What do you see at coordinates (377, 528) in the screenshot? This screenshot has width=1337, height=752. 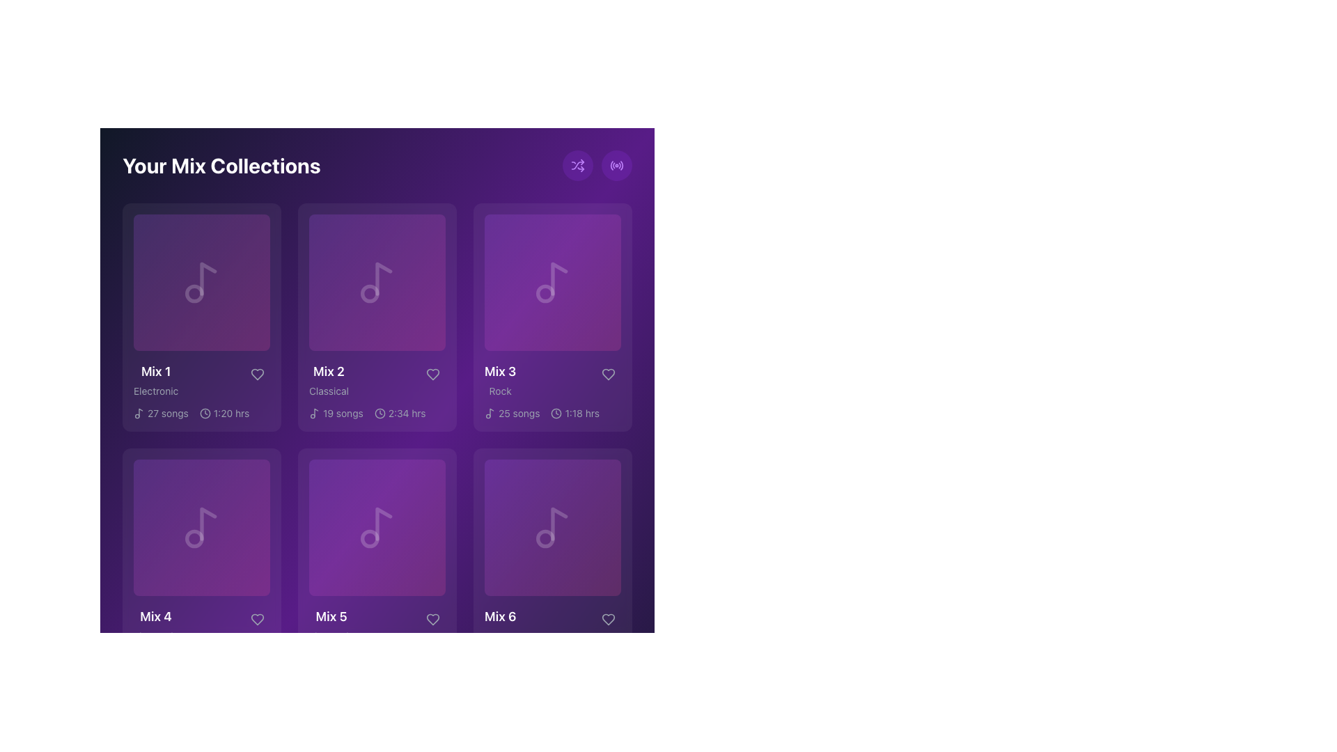 I see `the interactive card labeled 'Mix 5' in the 'Your Mix Collections' section` at bounding box center [377, 528].